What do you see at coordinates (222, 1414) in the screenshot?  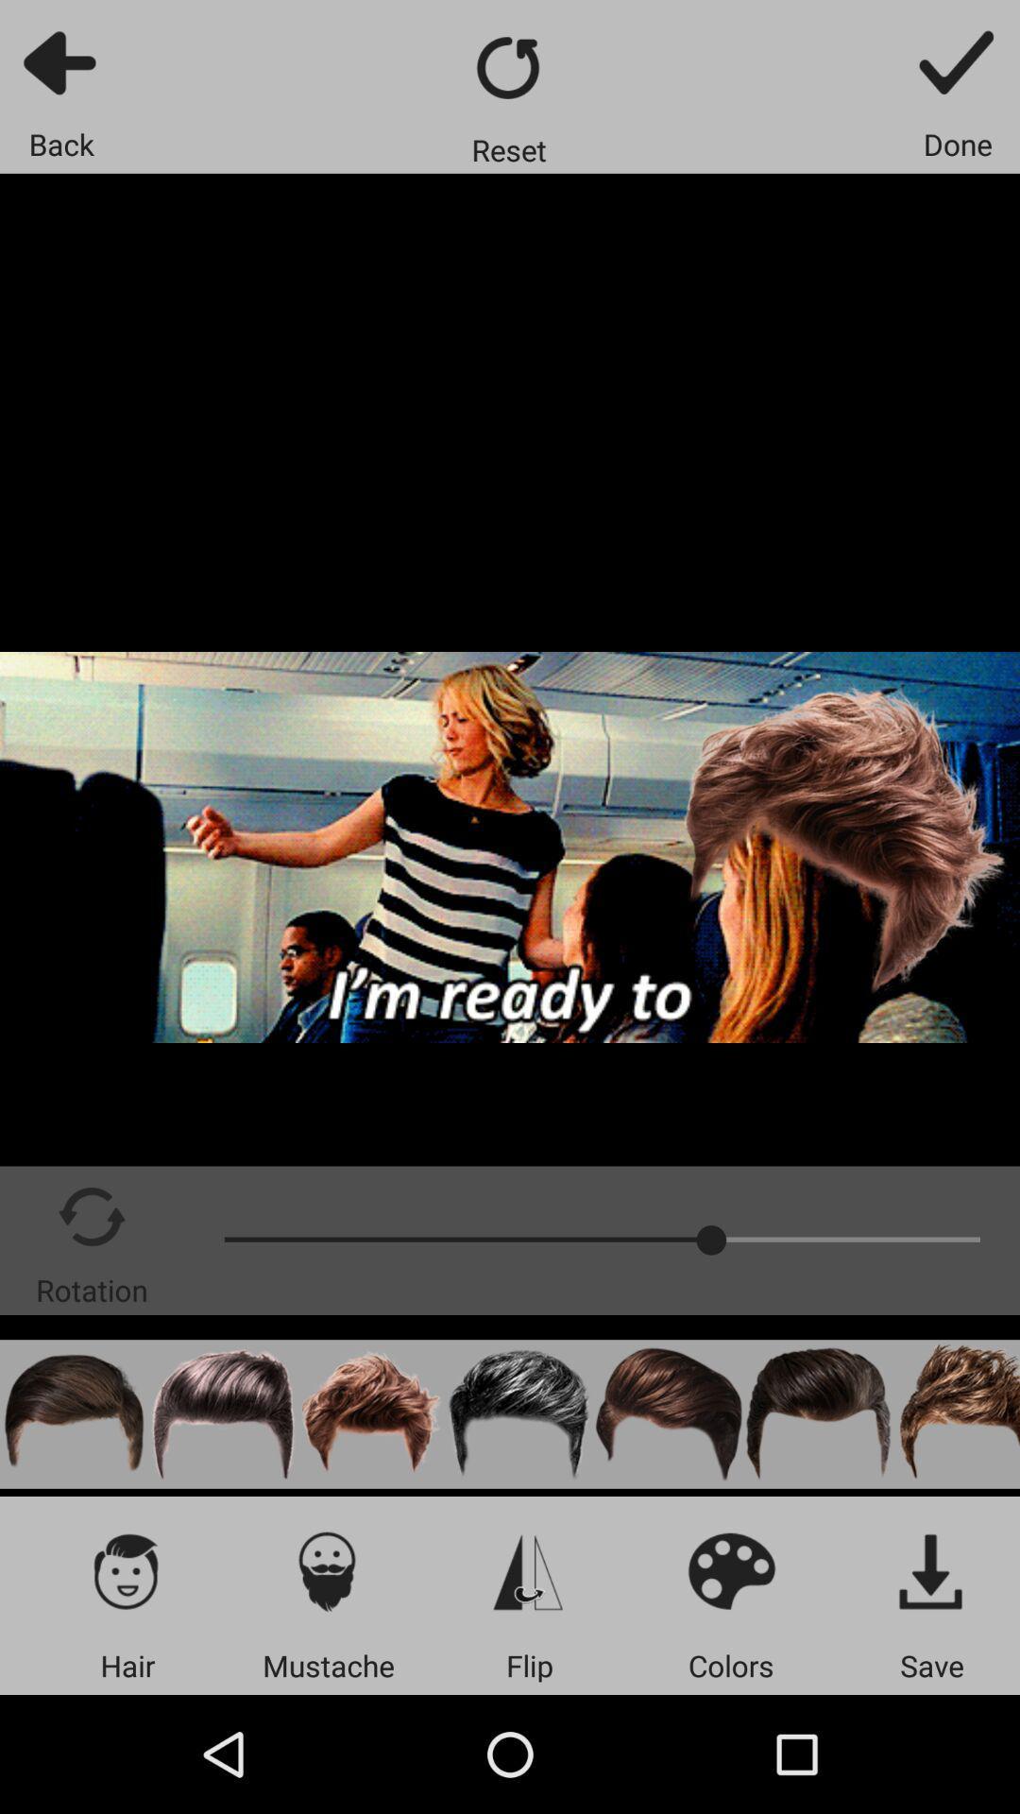 I see `use this hair` at bounding box center [222, 1414].